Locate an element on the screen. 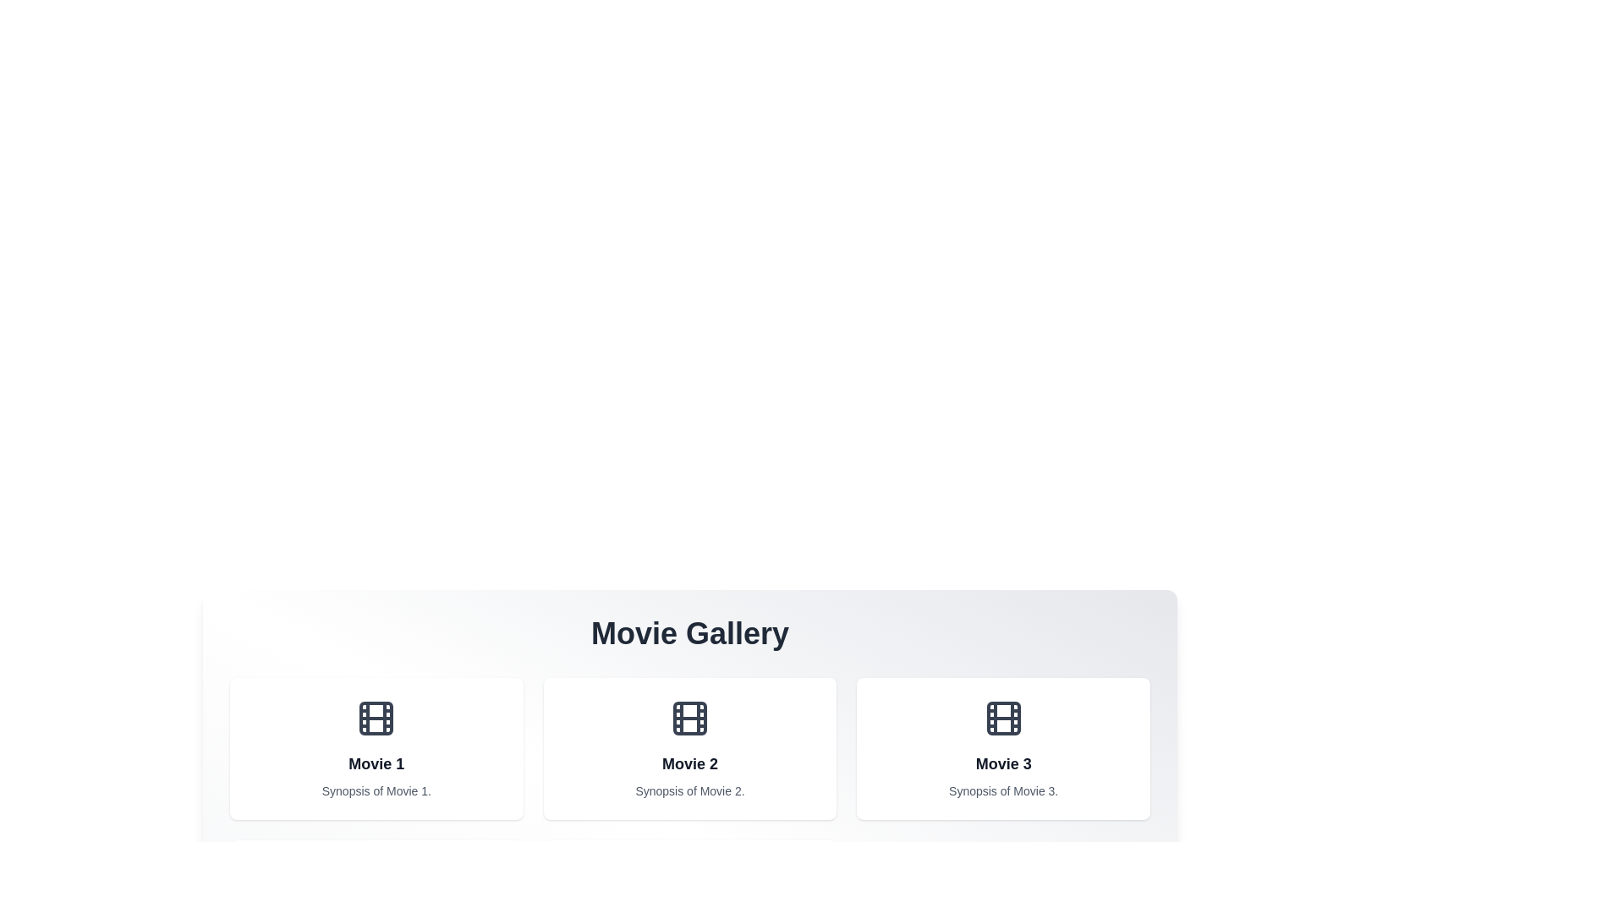 The height and width of the screenshot is (913, 1624). the text label 'Movie 3' which is styled in bold, dark gray, and positioned above the synopsis in the third card of the Movie Gallery is located at coordinates (1003, 763).